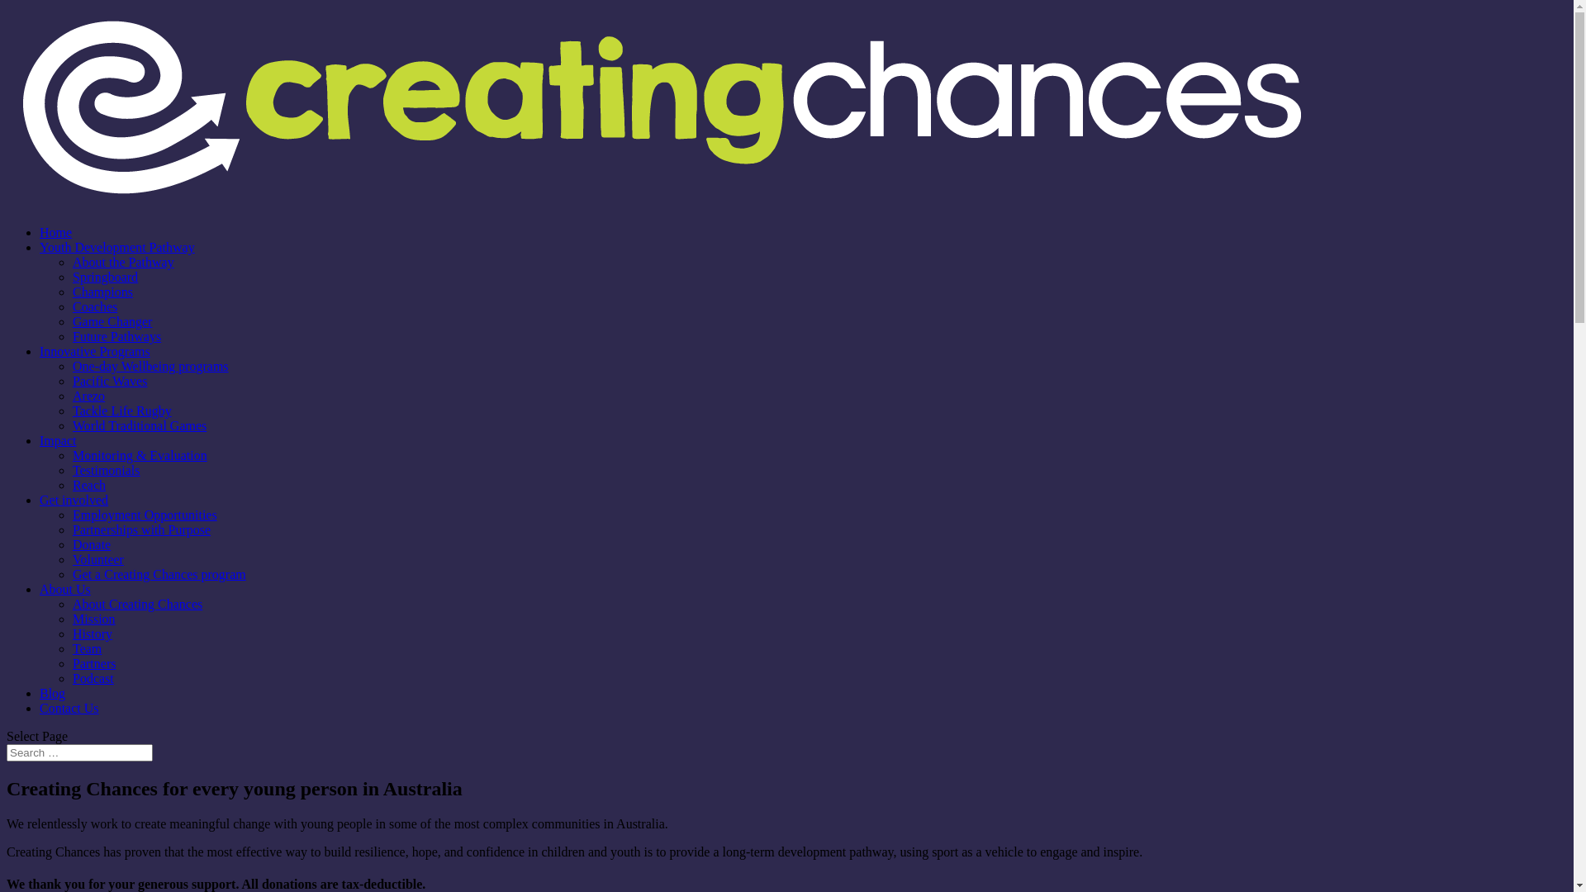 This screenshot has height=892, width=1586. Describe the element at coordinates (109, 381) in the screenshot. I see `'Pacific Waves'` at that location.